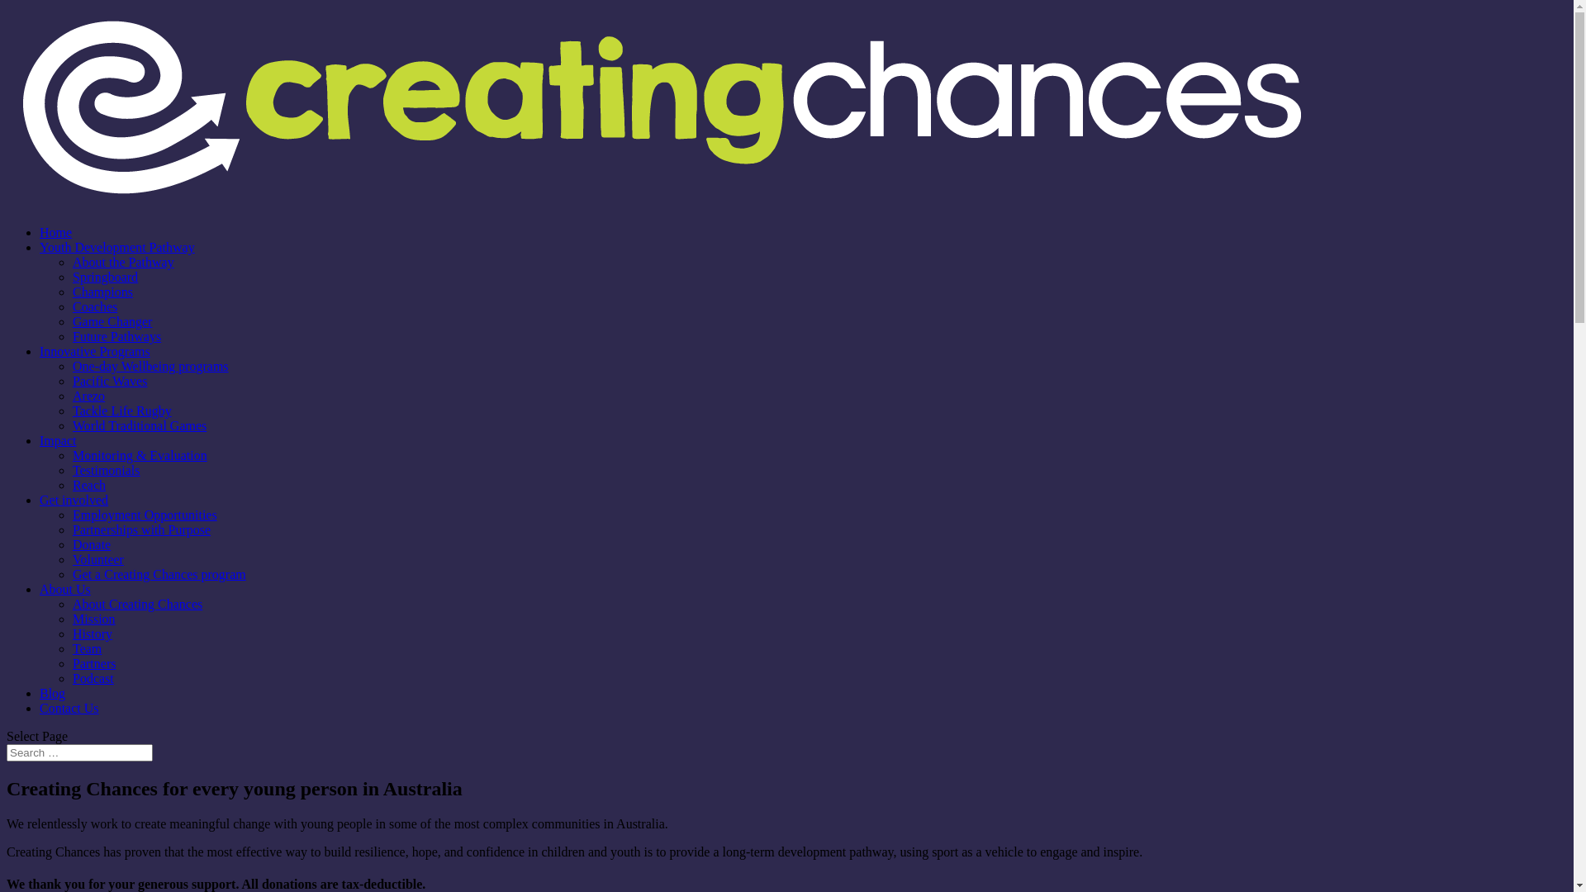 This screenshot has height=892, width=1586. Describe the element at coordinates (109, 381) in the screenshot. I see `'Pacific Waves'` at that location.